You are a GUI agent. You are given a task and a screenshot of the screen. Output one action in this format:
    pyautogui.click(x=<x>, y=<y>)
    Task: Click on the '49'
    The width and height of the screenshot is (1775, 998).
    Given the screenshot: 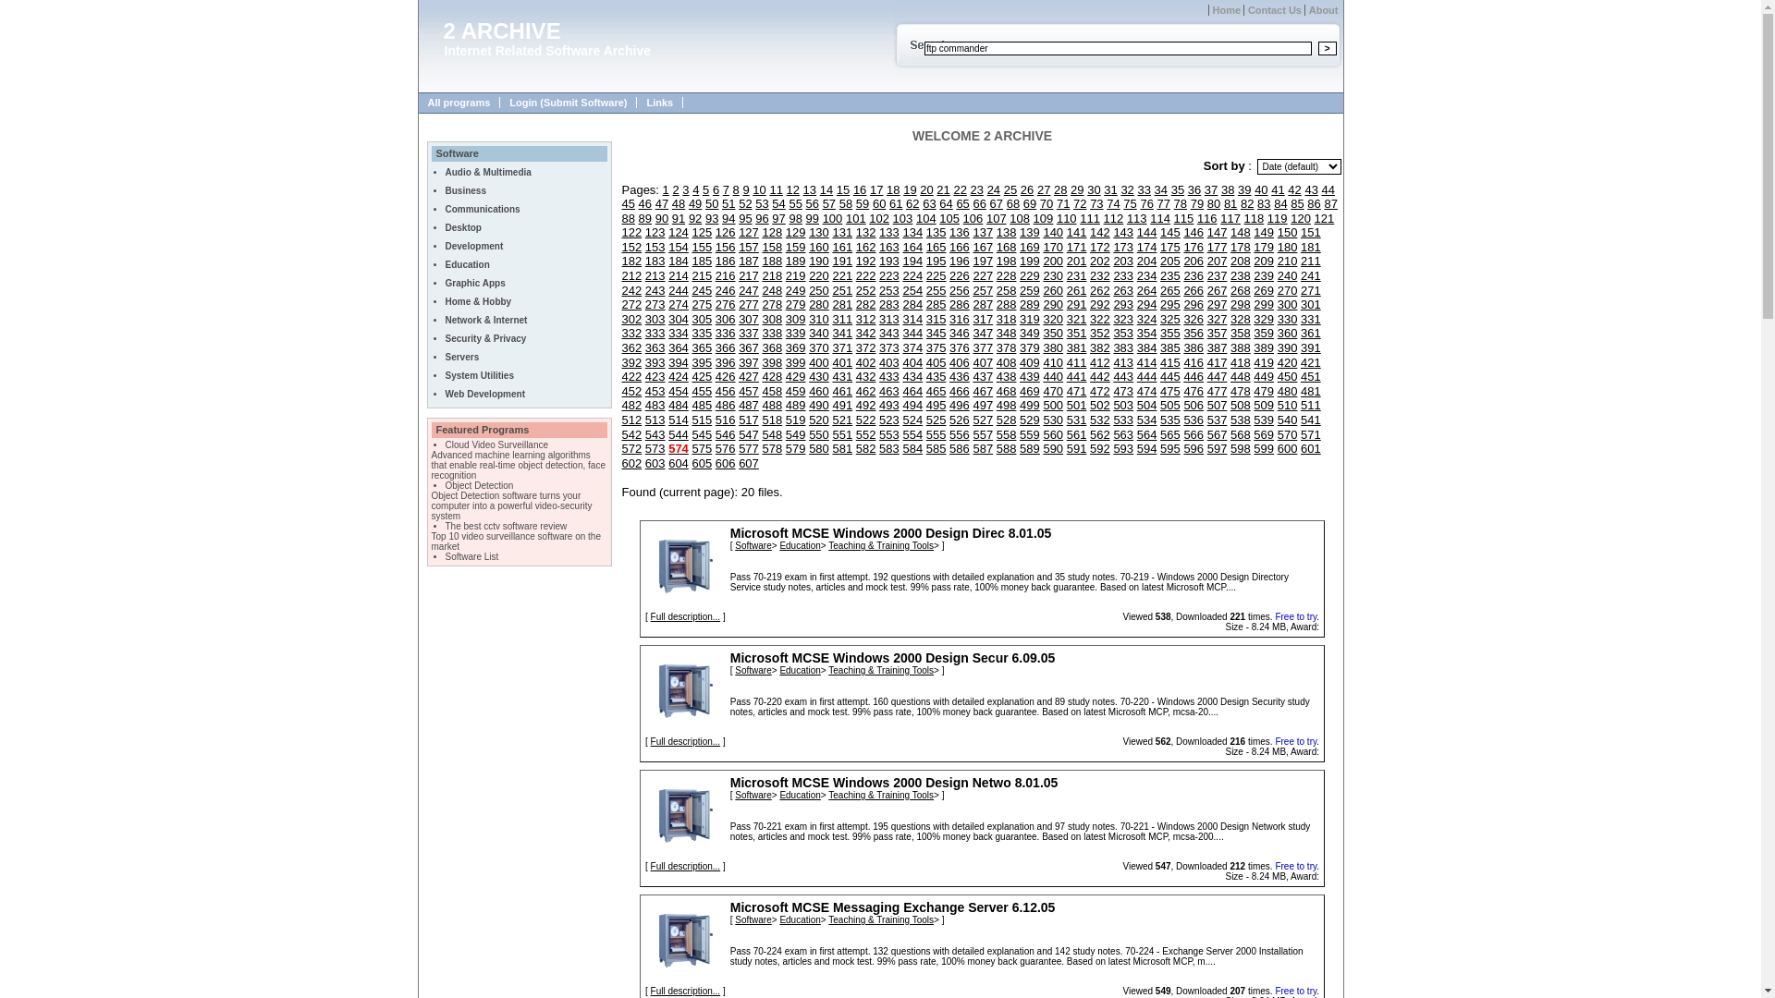 What is the action you would take?
    pyautogui.click(x=687, y=203)
    